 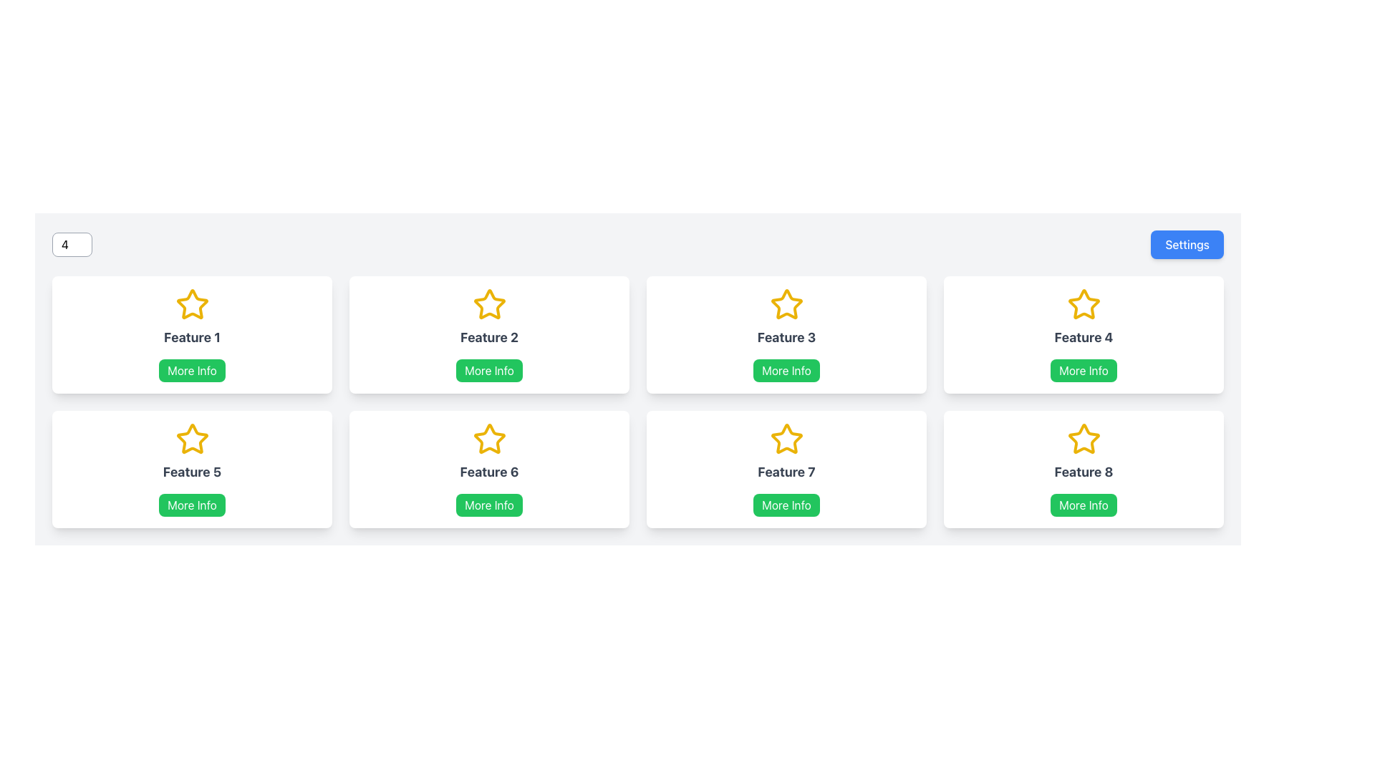 What do you see at coordinates (191, 369) in the screenshot?
I see `the button labeled 'Feature 1'` at bounding box center [191, 369].